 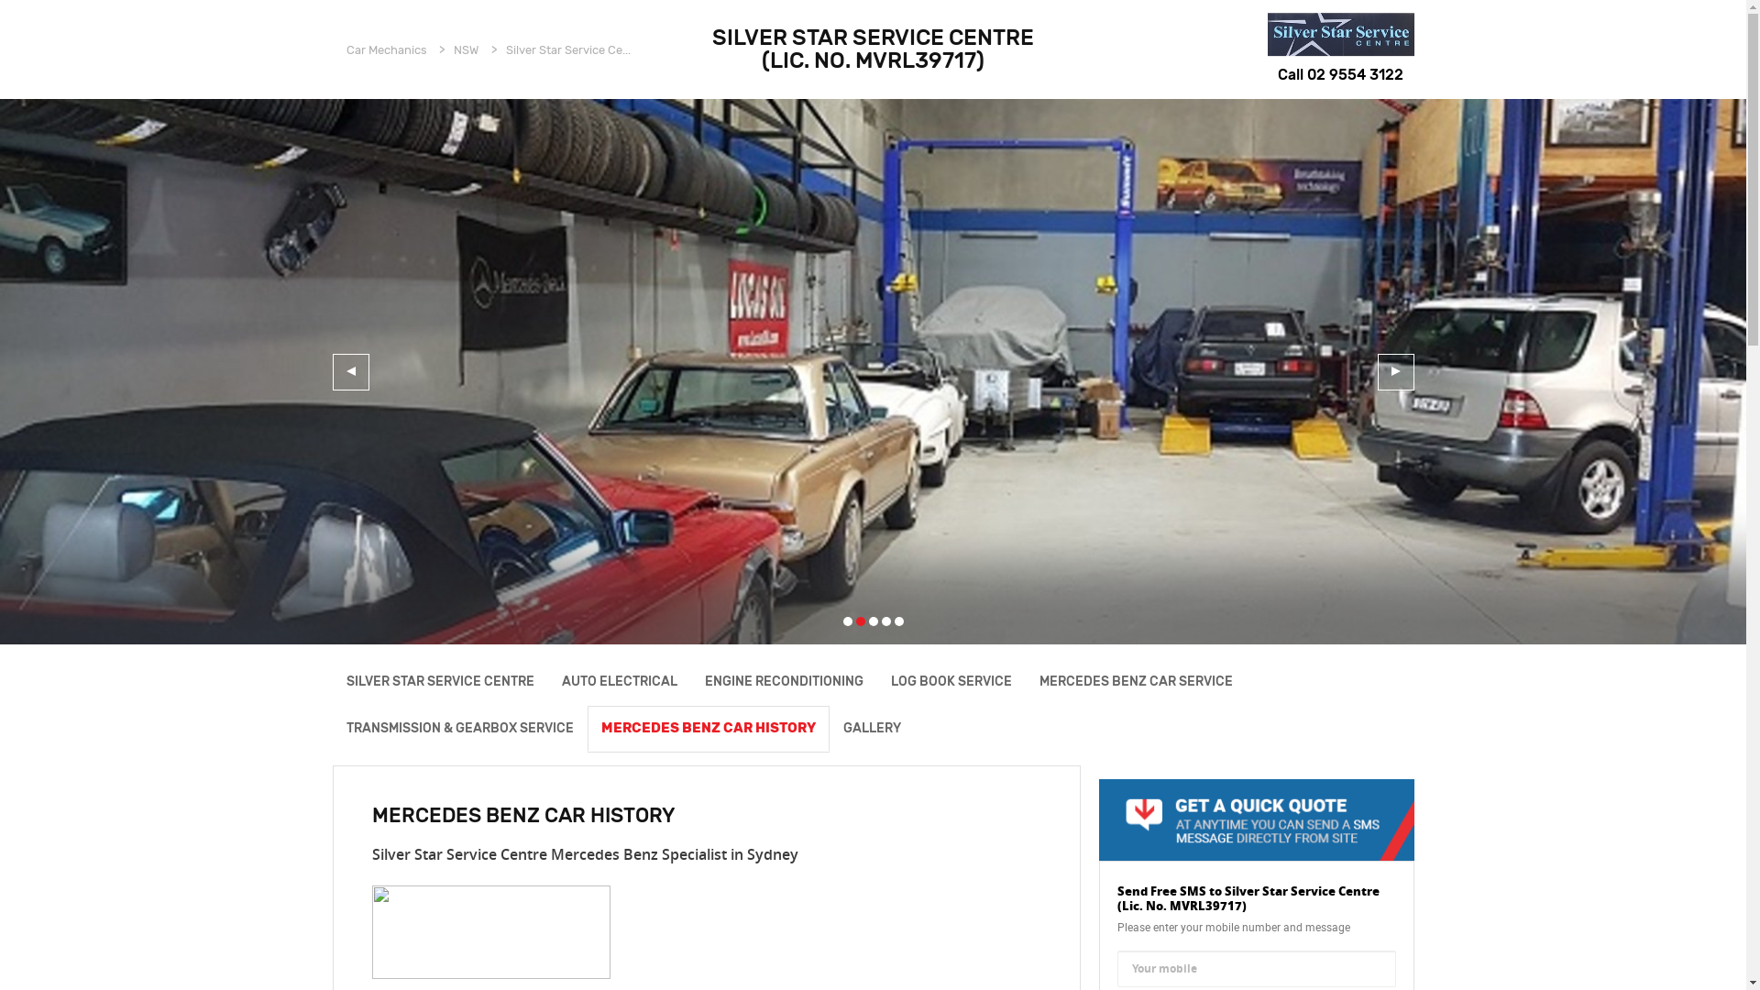 What do you see at coordinates (1340, 74) in the screenshot?
I see `'Call 02 9554 3122'` at bounding box center [1340, 74].